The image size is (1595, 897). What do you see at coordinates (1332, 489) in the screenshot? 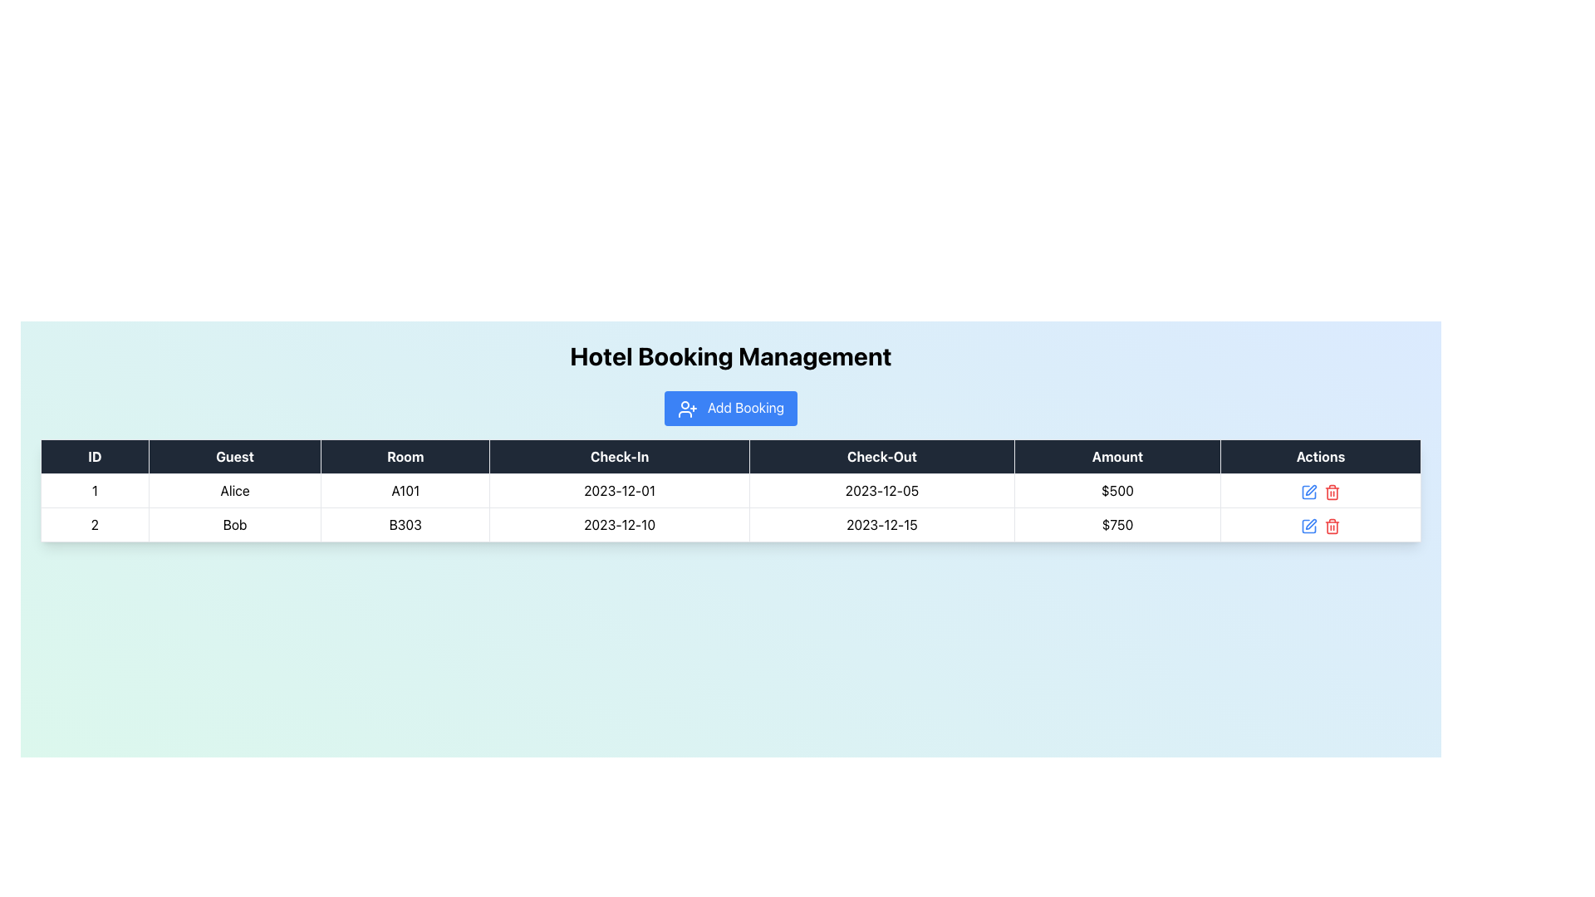
I see `the red trash icon button in the Actions column of the data table for 'Alice, A101, $500' to emphasize the delete option` at bounding box center [1332, 489].